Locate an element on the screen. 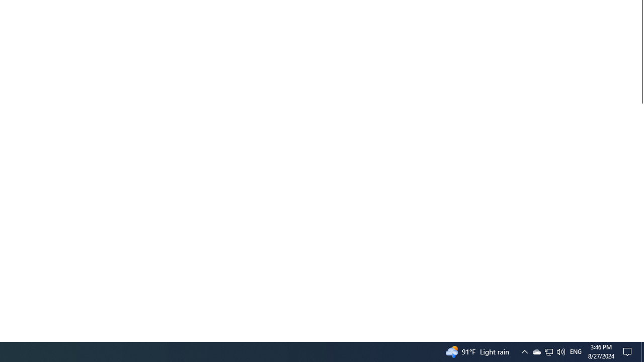 The height and width of the screenshot is (362, 644). 'Vertical Small Increase' is located at coordinates (639, 337).